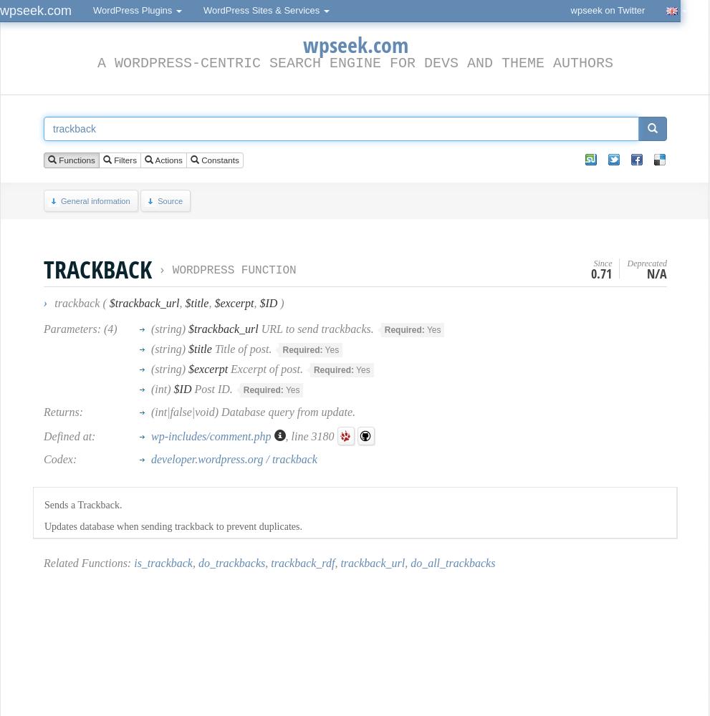 The width and height of the screenshot is (710, 716). I want to click on 'Updates database when sending trackback to prevent duplicates.', so click(173, 526).